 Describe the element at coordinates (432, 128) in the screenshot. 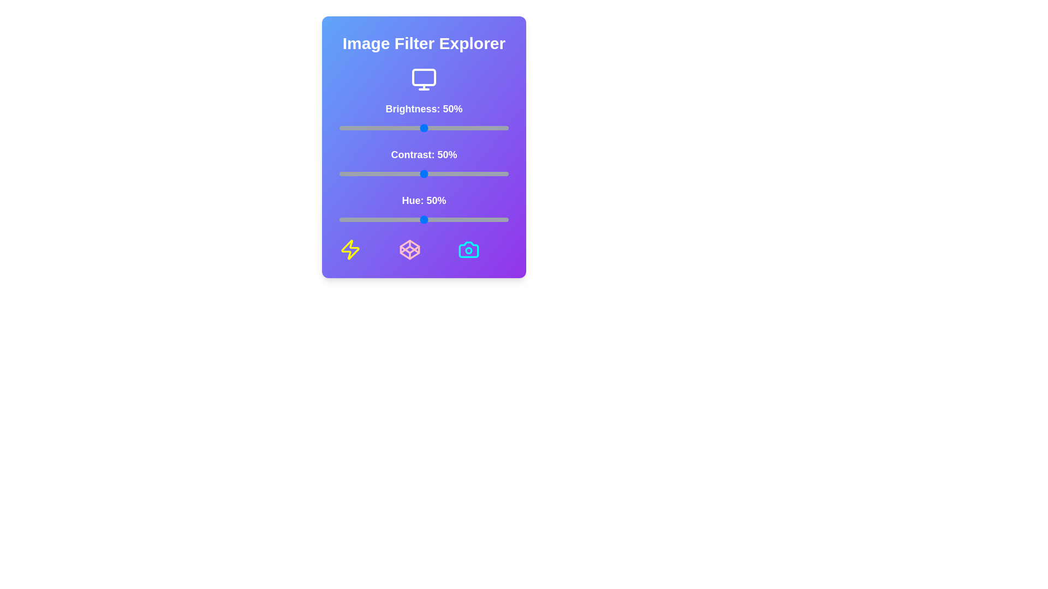

I see `the brightness slider to 55%` at that location.